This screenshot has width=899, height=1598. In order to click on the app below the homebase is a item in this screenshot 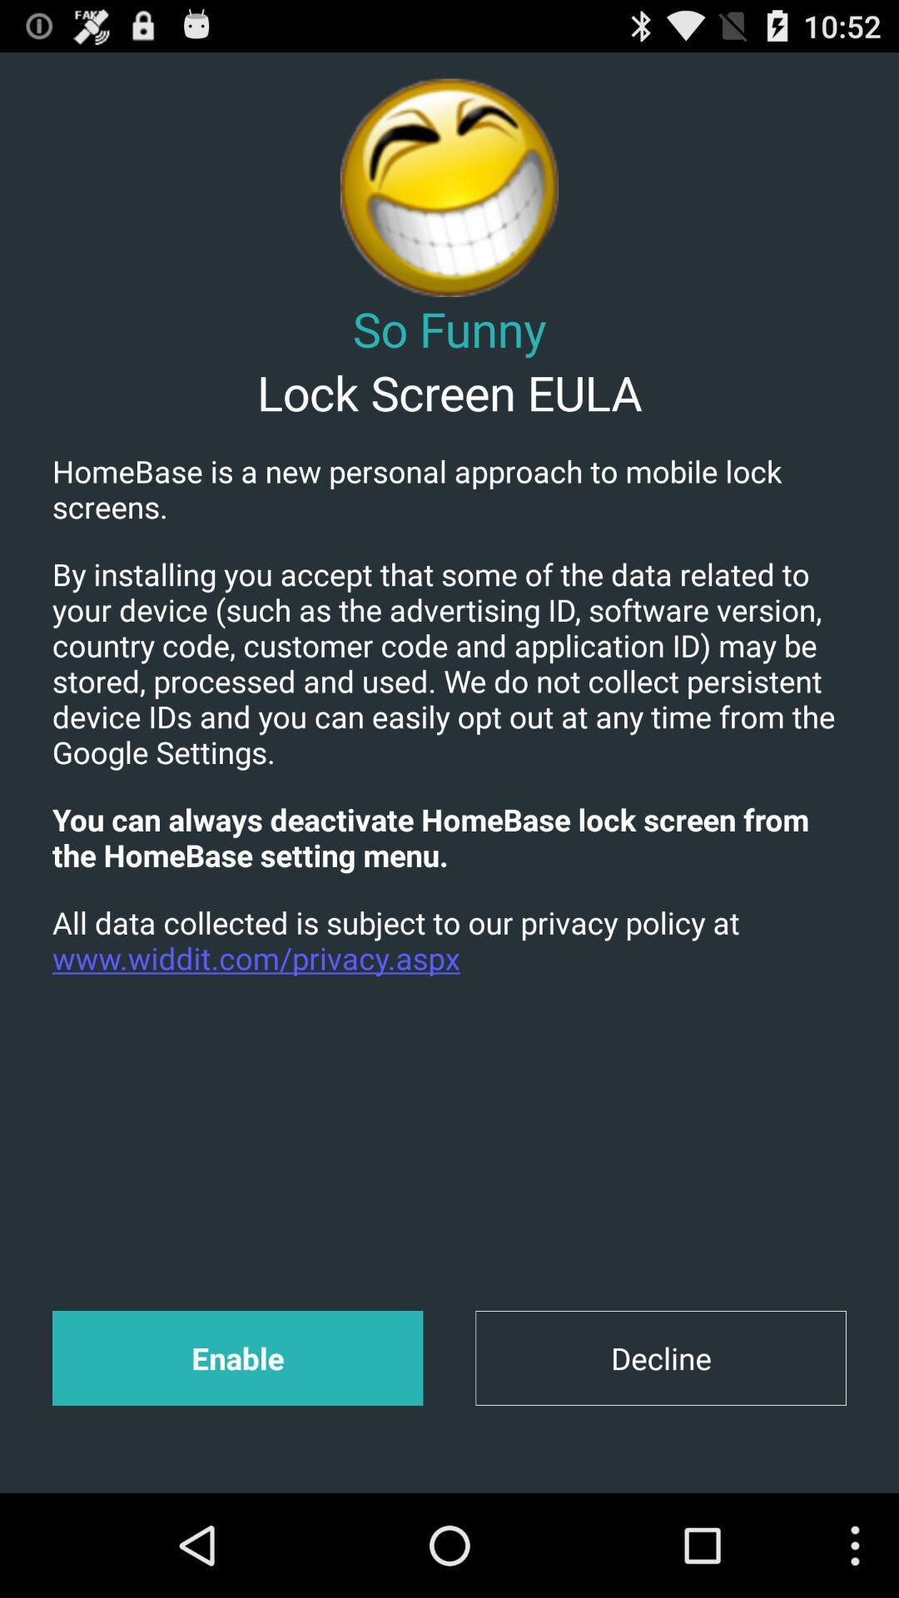, I will do `click(449, 662)`.